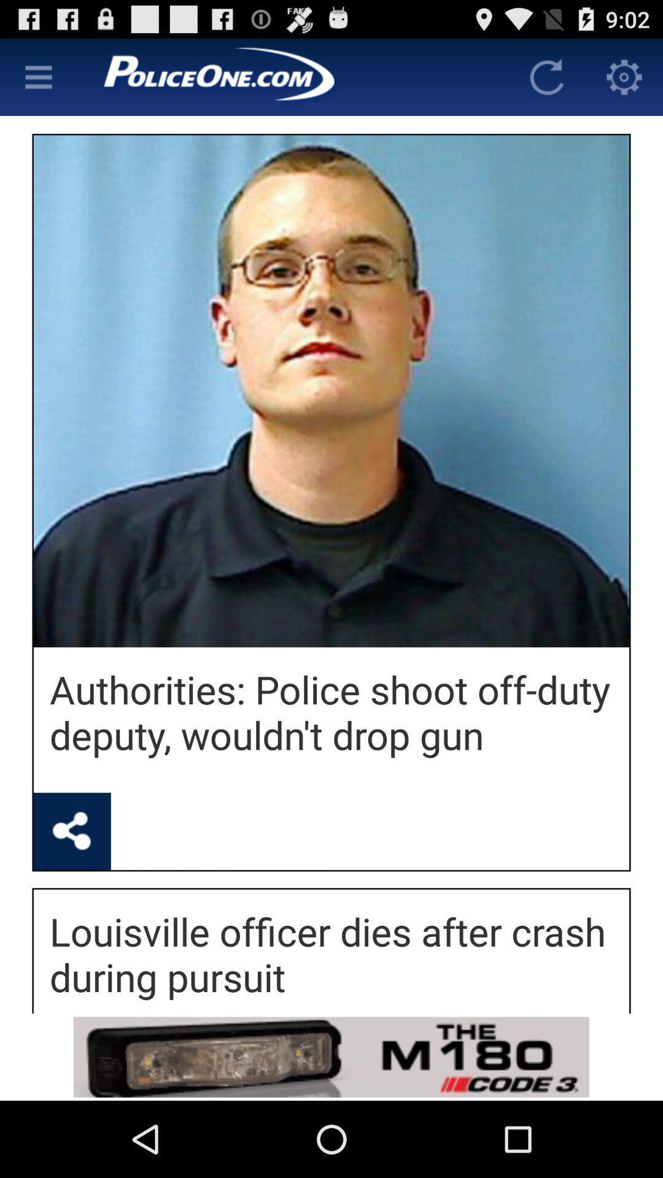 The width and height of the screenshot is (663, 1178). I want to click on visibility is better quality, so click(37, 76).